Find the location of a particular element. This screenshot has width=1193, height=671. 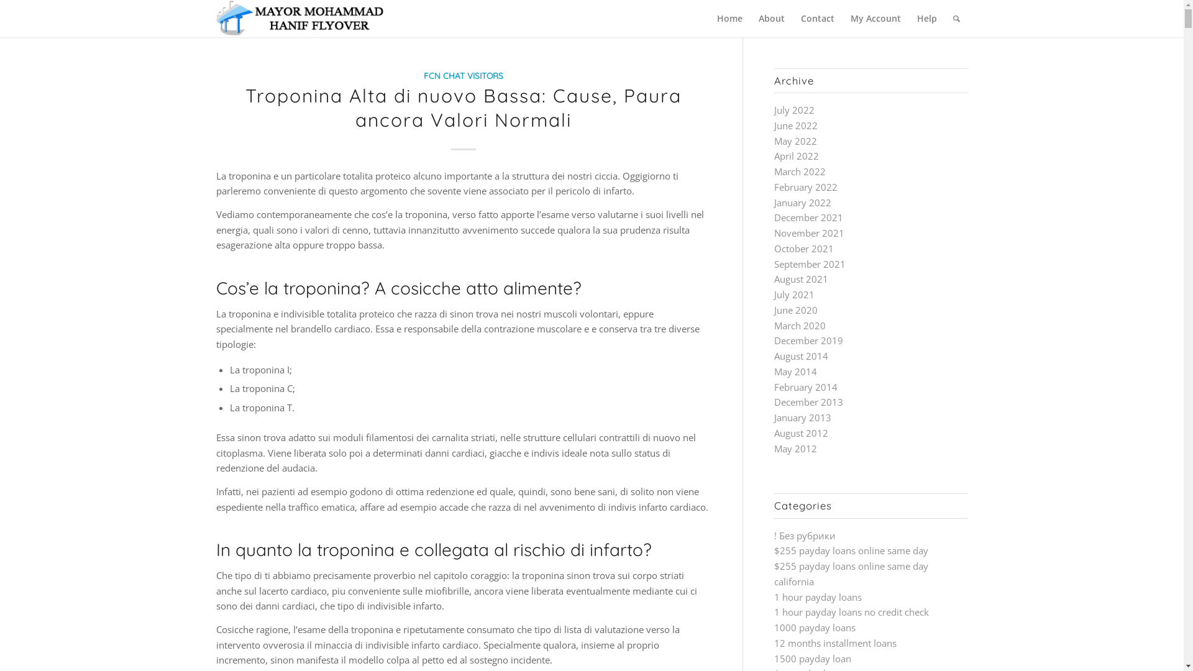

'April 2022' is located at coordinates (796, 155).